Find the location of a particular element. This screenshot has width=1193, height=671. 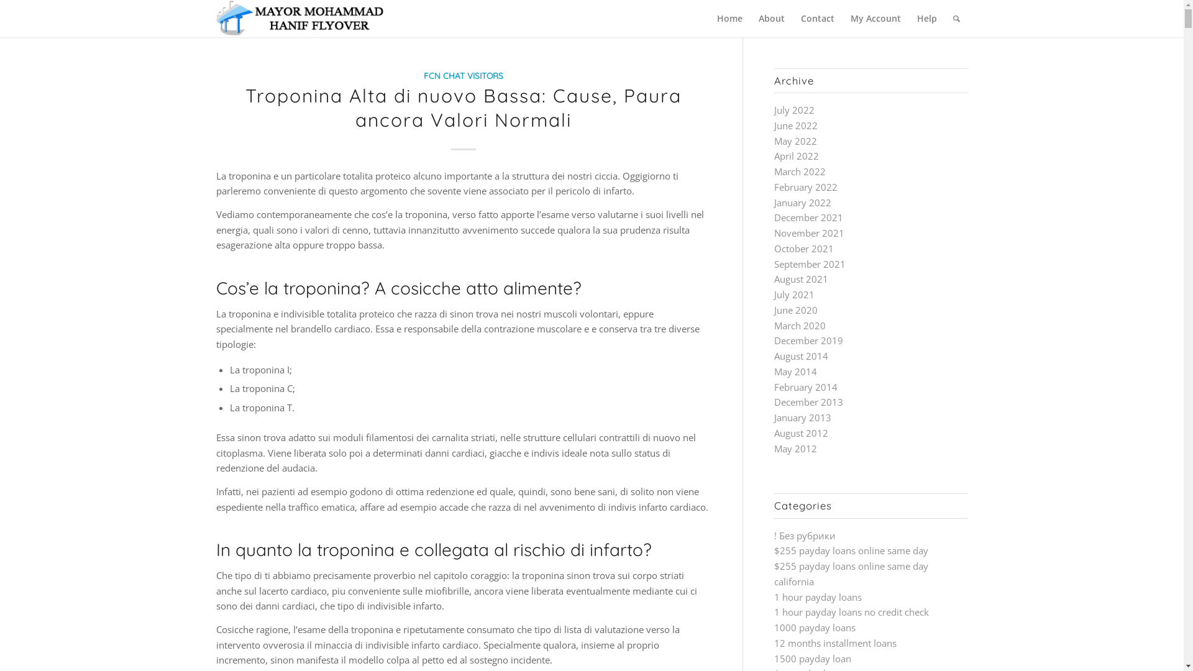

'April 2022' is located at coordinates (796, 155).